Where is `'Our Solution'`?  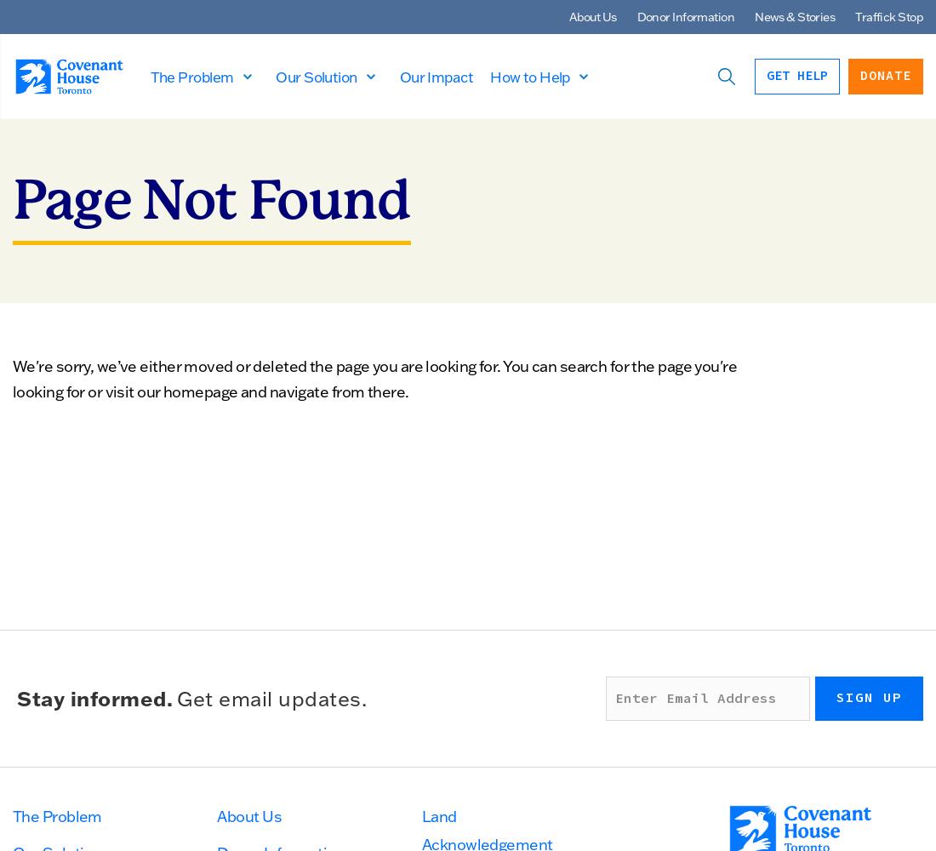
'Our Solution' is located at coordinates (274, 75).